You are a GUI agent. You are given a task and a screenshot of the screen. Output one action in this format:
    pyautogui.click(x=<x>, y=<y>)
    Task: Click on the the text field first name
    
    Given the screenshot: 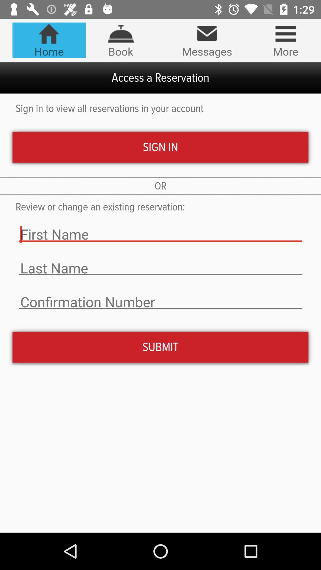 What is the action you would take?
    pyautogui.click(x=160, y=234)
    